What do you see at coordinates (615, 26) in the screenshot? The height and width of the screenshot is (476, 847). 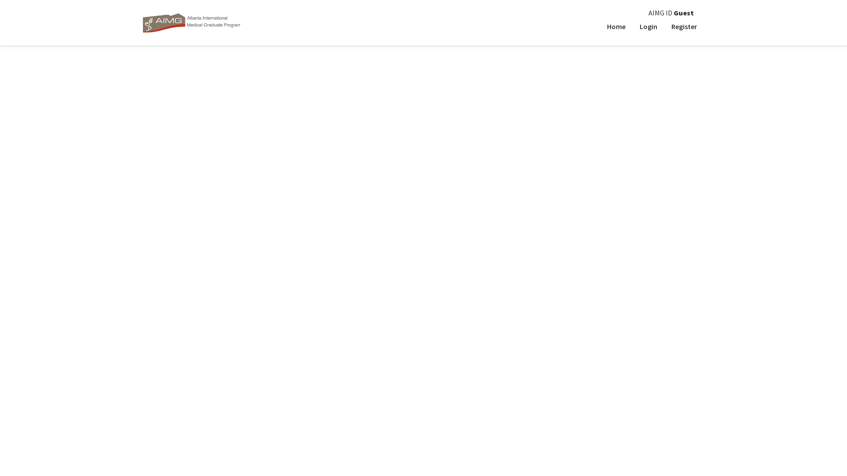 I see `'Home'` at bounding box center [615, 26].